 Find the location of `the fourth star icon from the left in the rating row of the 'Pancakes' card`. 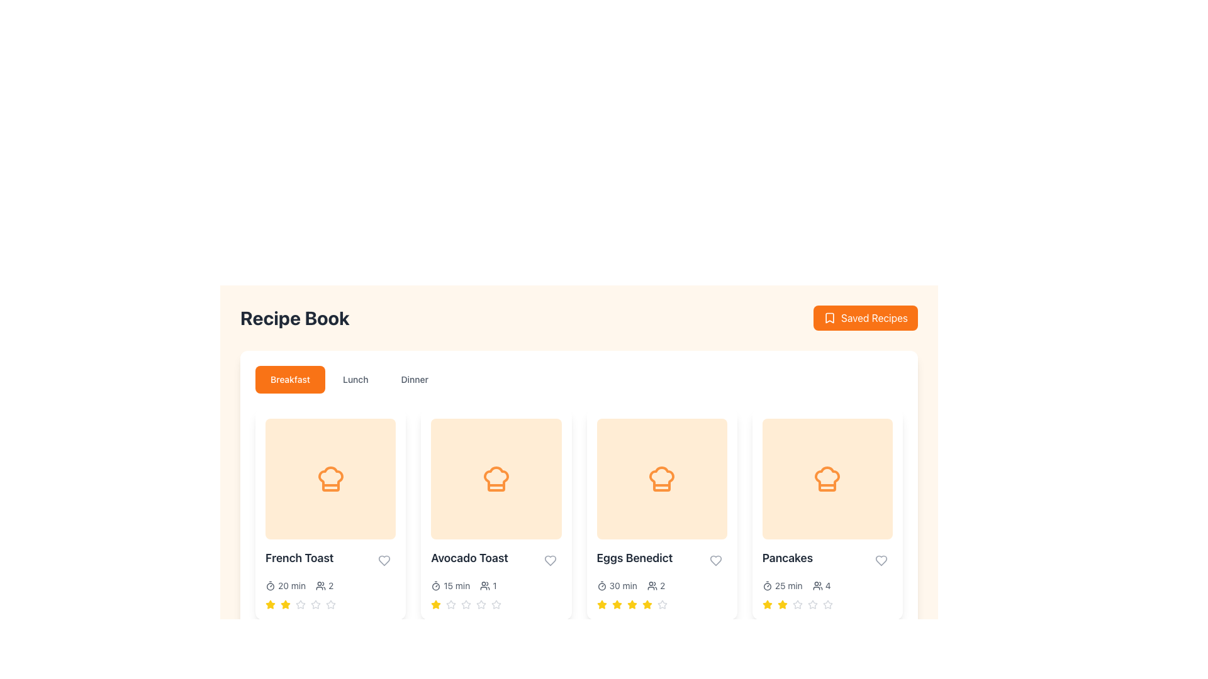

the fourth star icon from the left in the rating row of the 'Pancakes' card is located at coordinates (812, 604).